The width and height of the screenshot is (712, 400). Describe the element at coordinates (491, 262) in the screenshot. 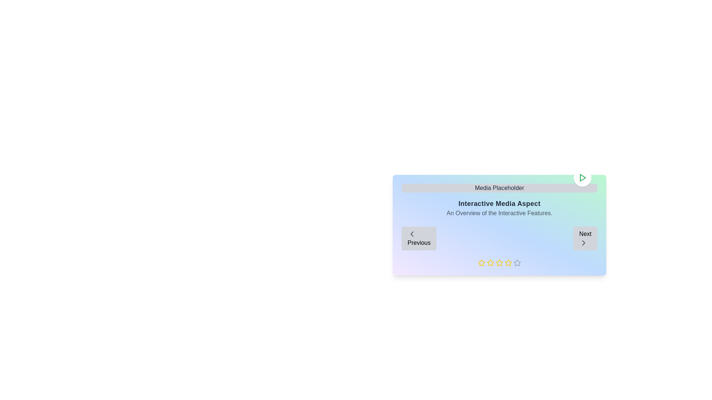

I see `the third yellow star icon with a hollow center in the rating set` at that location.